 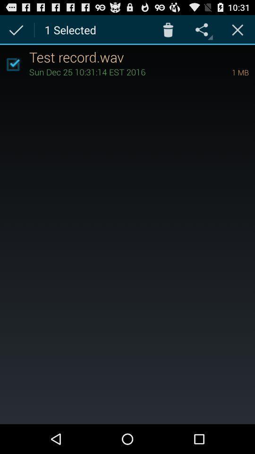 I want to click on item to the left of the test record.wav item, so click(x=12, y=64).